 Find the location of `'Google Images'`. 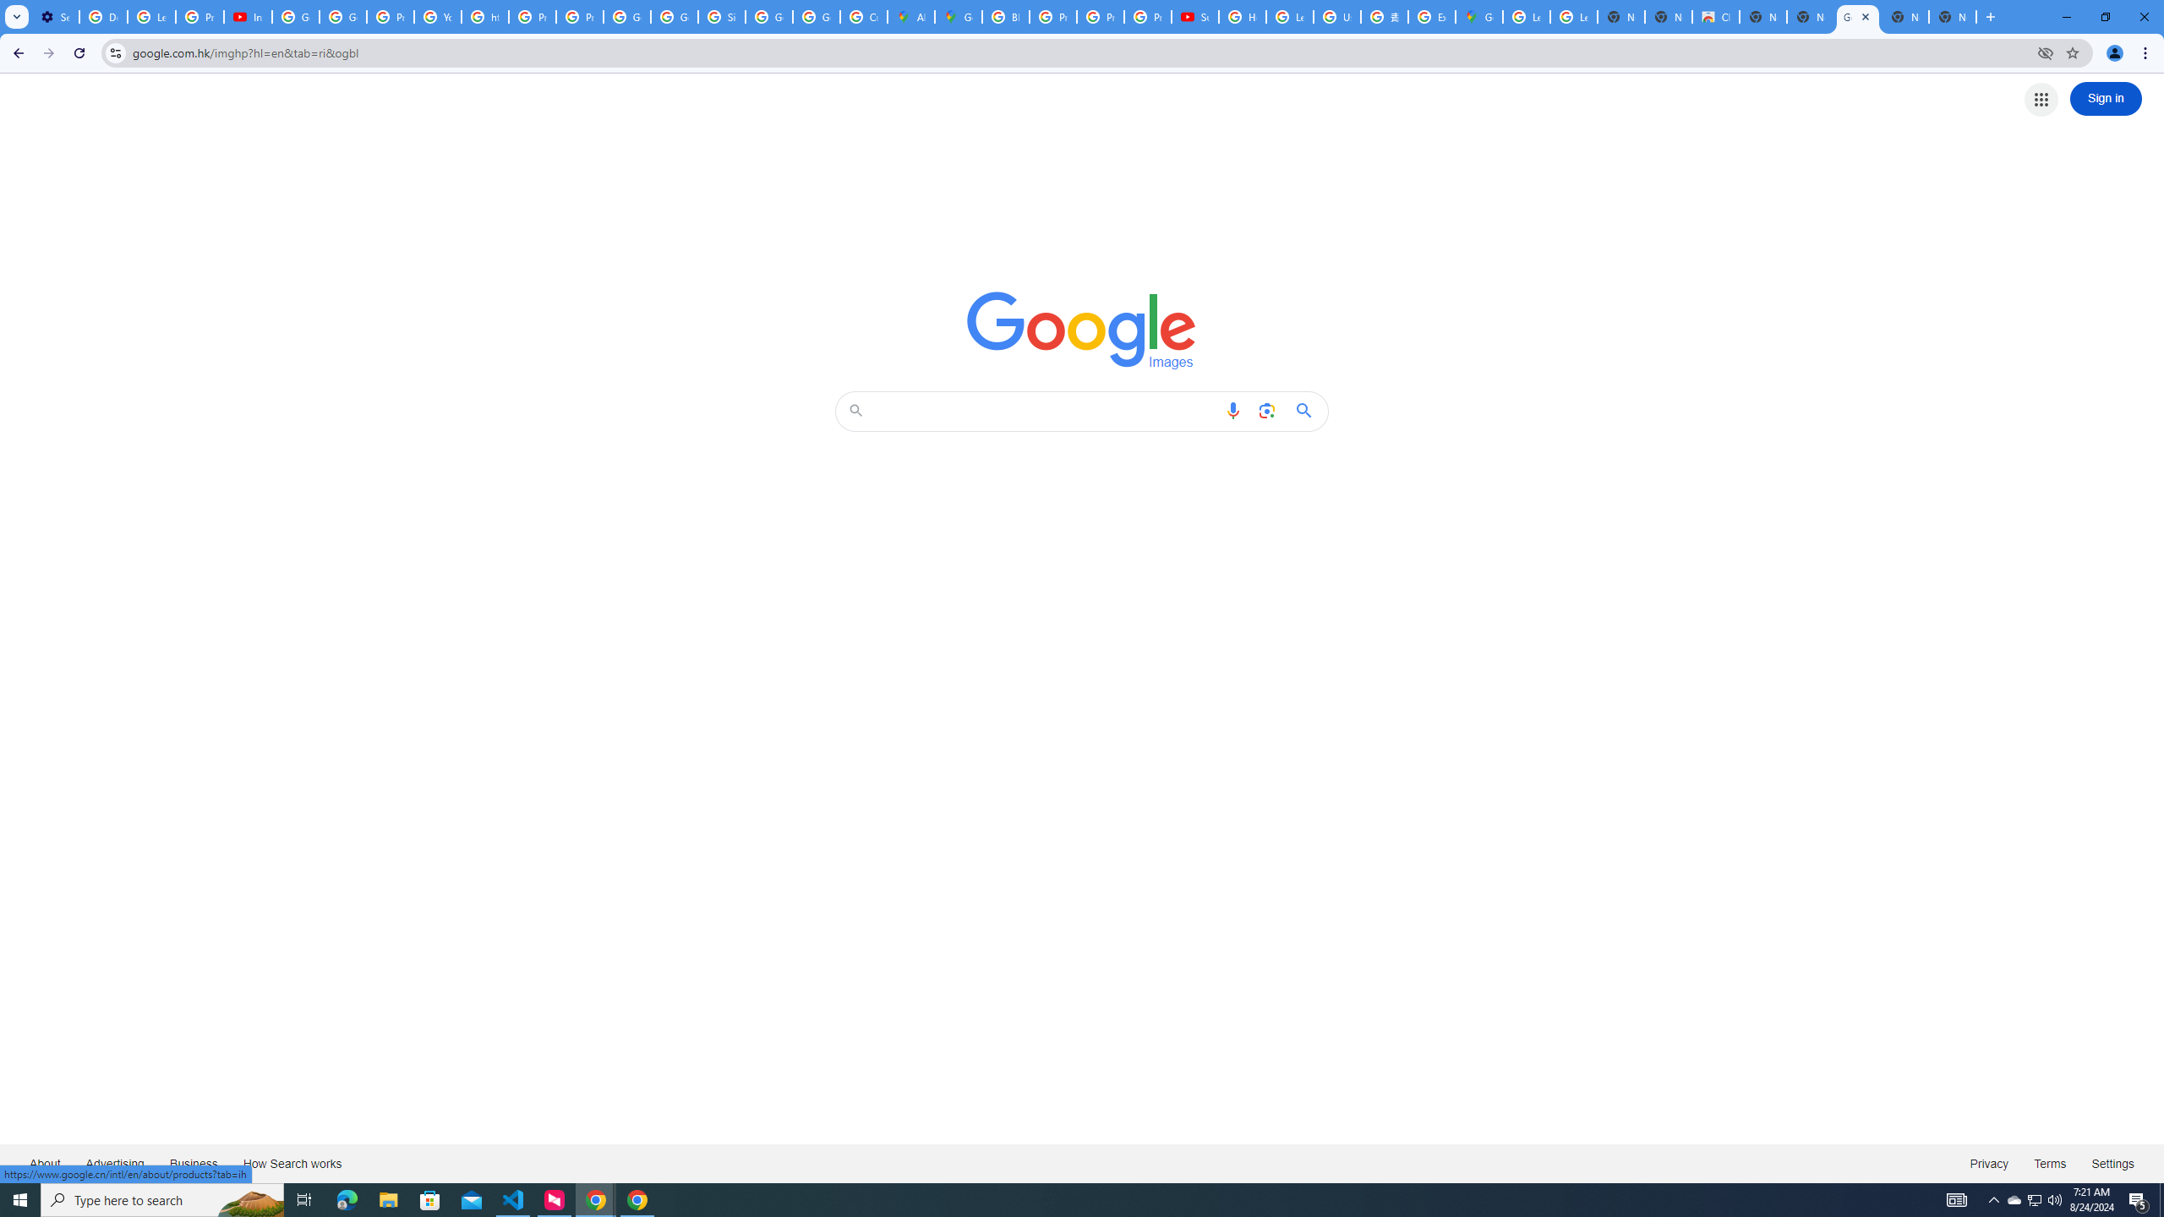

'Google Images' is located at coordinates (1082, 330).